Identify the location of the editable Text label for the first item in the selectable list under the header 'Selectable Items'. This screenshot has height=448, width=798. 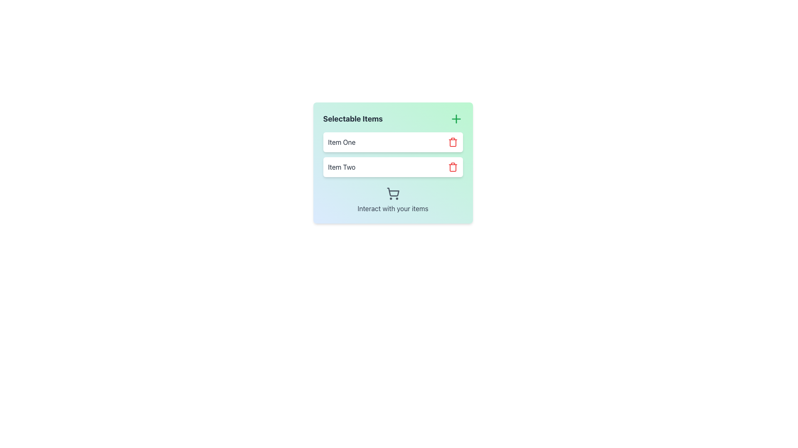
(341, 142).